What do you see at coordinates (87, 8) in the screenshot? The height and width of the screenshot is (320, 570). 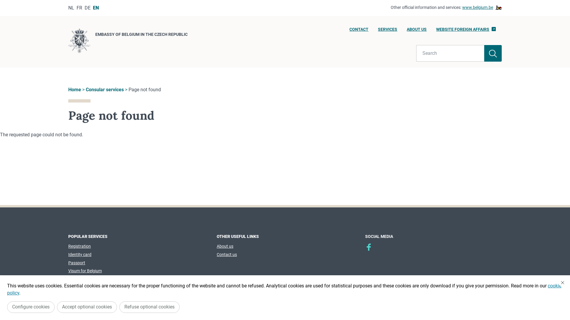 I see `'DE'` at bounding box center [87, 8].